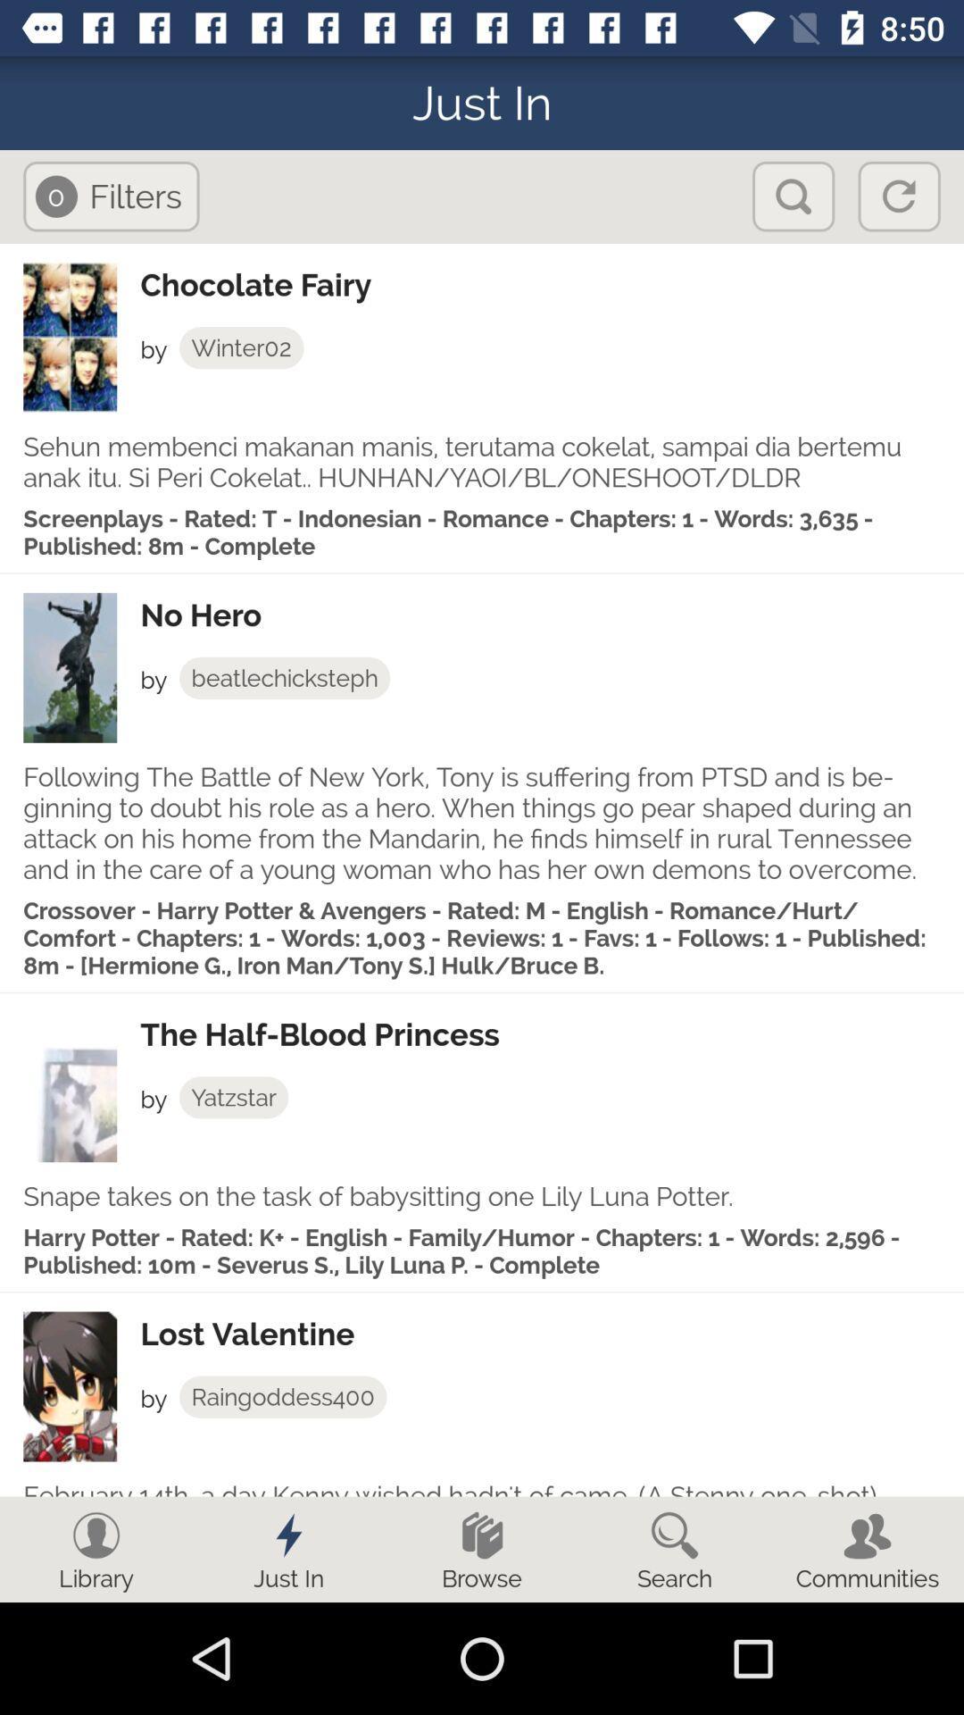 This screenshot has width=964, height=1715. What do you see at coordinates (284, 677) in the screenshot?
I see `the item below no hero app` at bounding box center [284, 677].